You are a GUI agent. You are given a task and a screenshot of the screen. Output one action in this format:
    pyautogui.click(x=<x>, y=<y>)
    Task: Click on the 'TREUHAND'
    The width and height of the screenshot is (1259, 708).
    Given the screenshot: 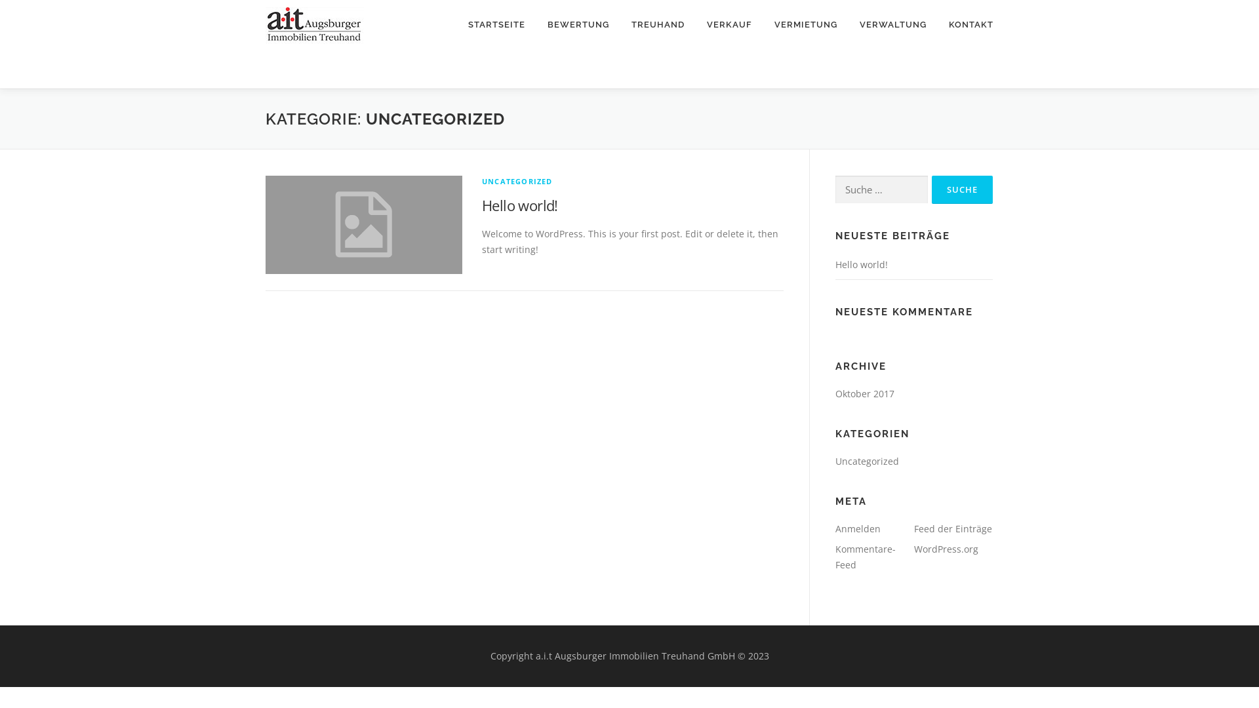 What is the action you would take?
    pyautogui.click(x=658, y=24)
    